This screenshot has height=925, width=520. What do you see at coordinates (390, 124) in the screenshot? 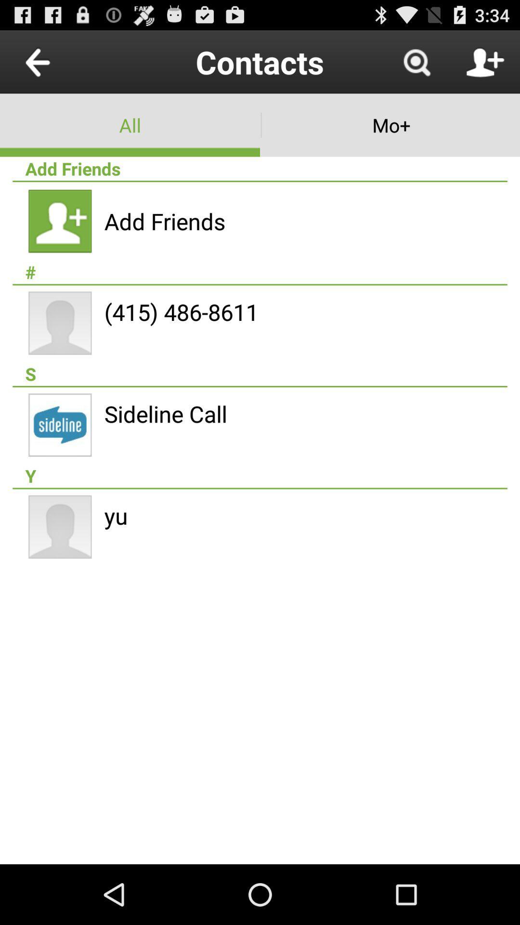
I see `item next to all app` at bounding box center [390, 124].